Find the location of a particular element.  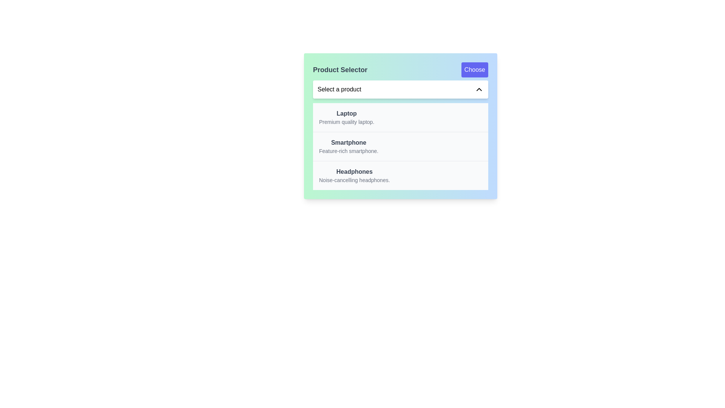

the detailed description text label for the product category 'Headphones', located below the bold 'Headphones' text in the dropdown menu is located at coordinates (354, 180).